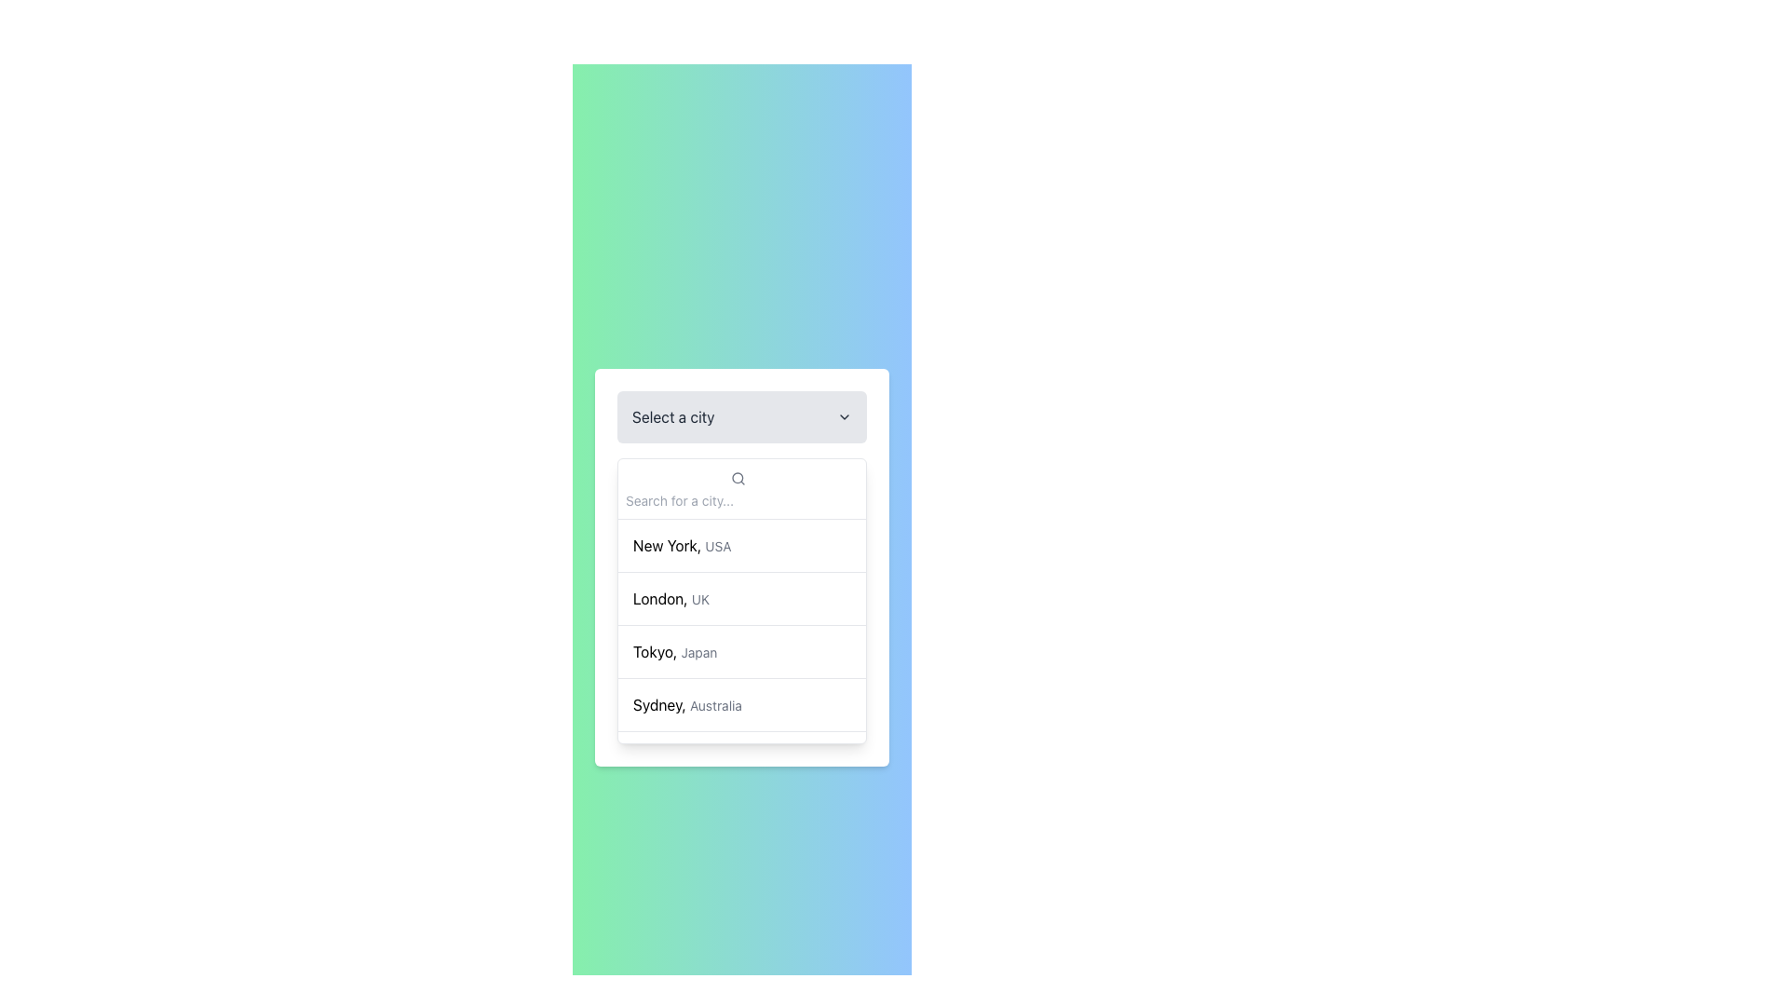  Describe the element at coordinates (717, 545) in the screenshot. I see `text label 'USA' which is styled with a small font size and gray color, located to the right of 'New York' in the dropdown list under 'New York, USA'` at that location.